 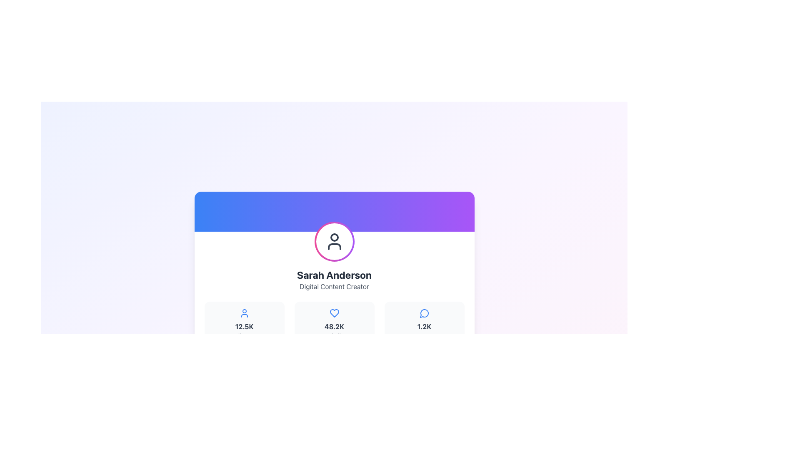 I want to click on the text label that conveys the quantity '1.2K', which is positioned above the 'Posts' label and below a chat bubble icon, so click(x=424, y=326).